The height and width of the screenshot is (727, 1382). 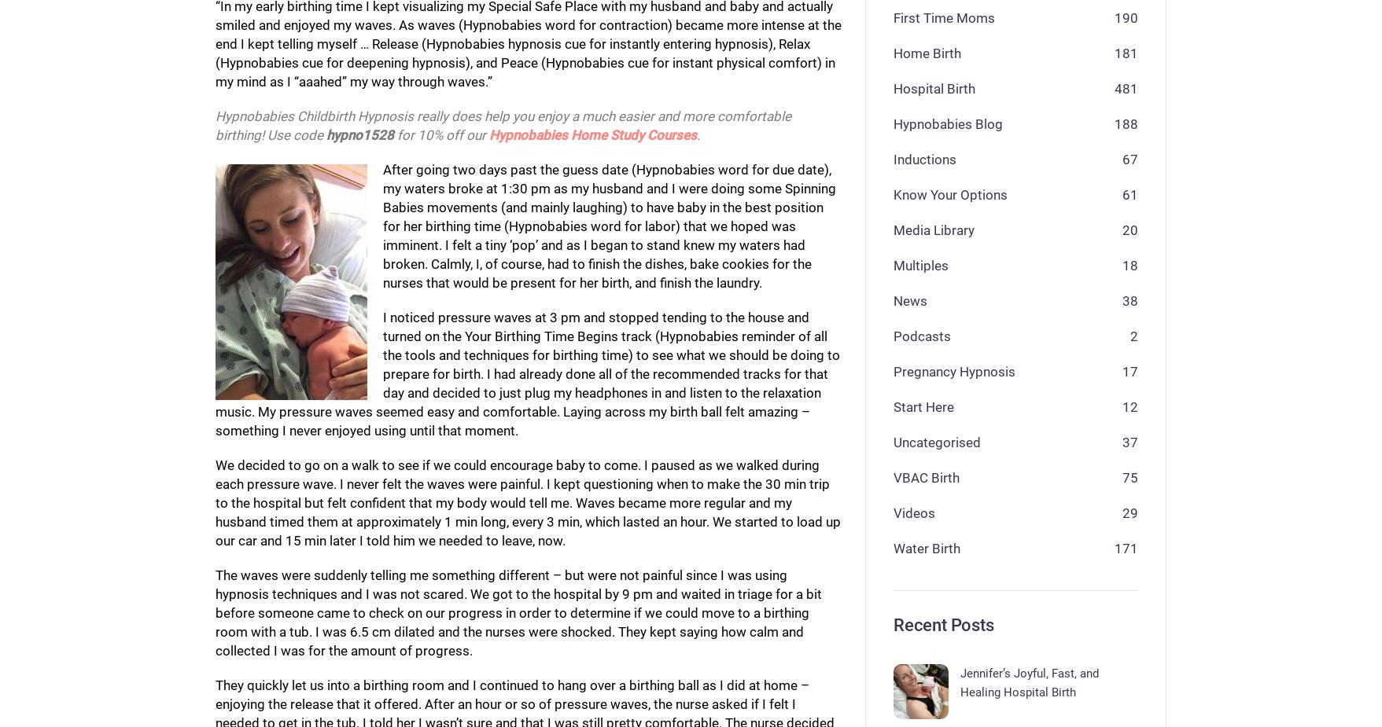 What do you see at coordinates (452, 687) in the screenshot?
I see `'Facebook Moms Support Group'` at bounding box center [452, 687].